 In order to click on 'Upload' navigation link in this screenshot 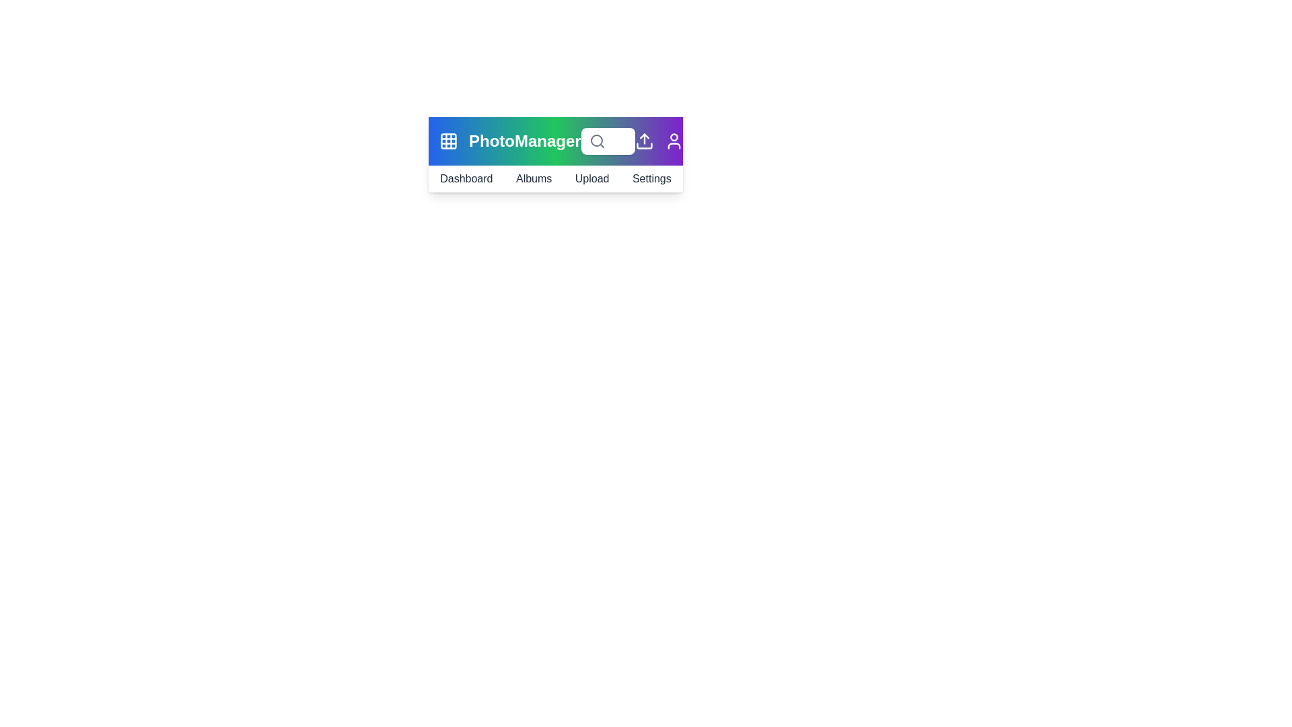, I will do `click(591, 178)`.